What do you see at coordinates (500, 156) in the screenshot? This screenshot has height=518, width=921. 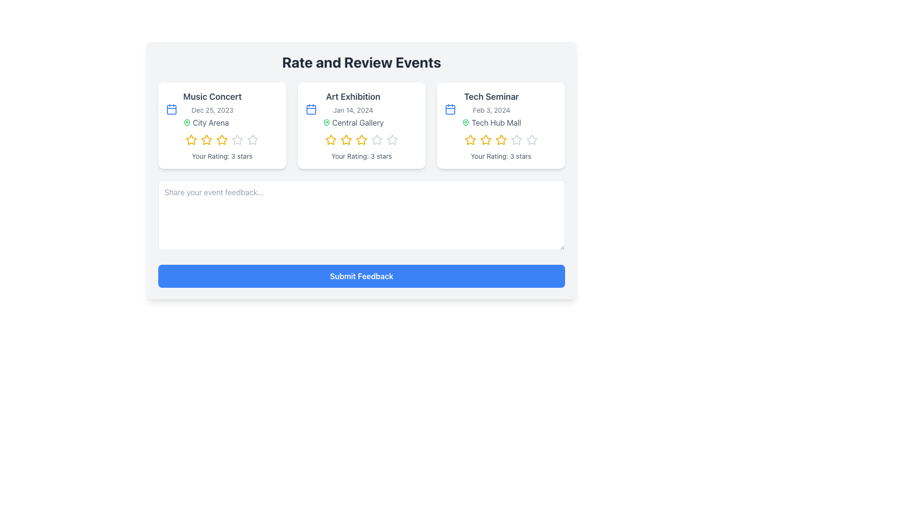 I see `the static text label that displays the user's current rating for the 'Tech Seminar' event, located beneath the star rating section in the rightmost column of a three-card grid` at bounding box center [500, 156].